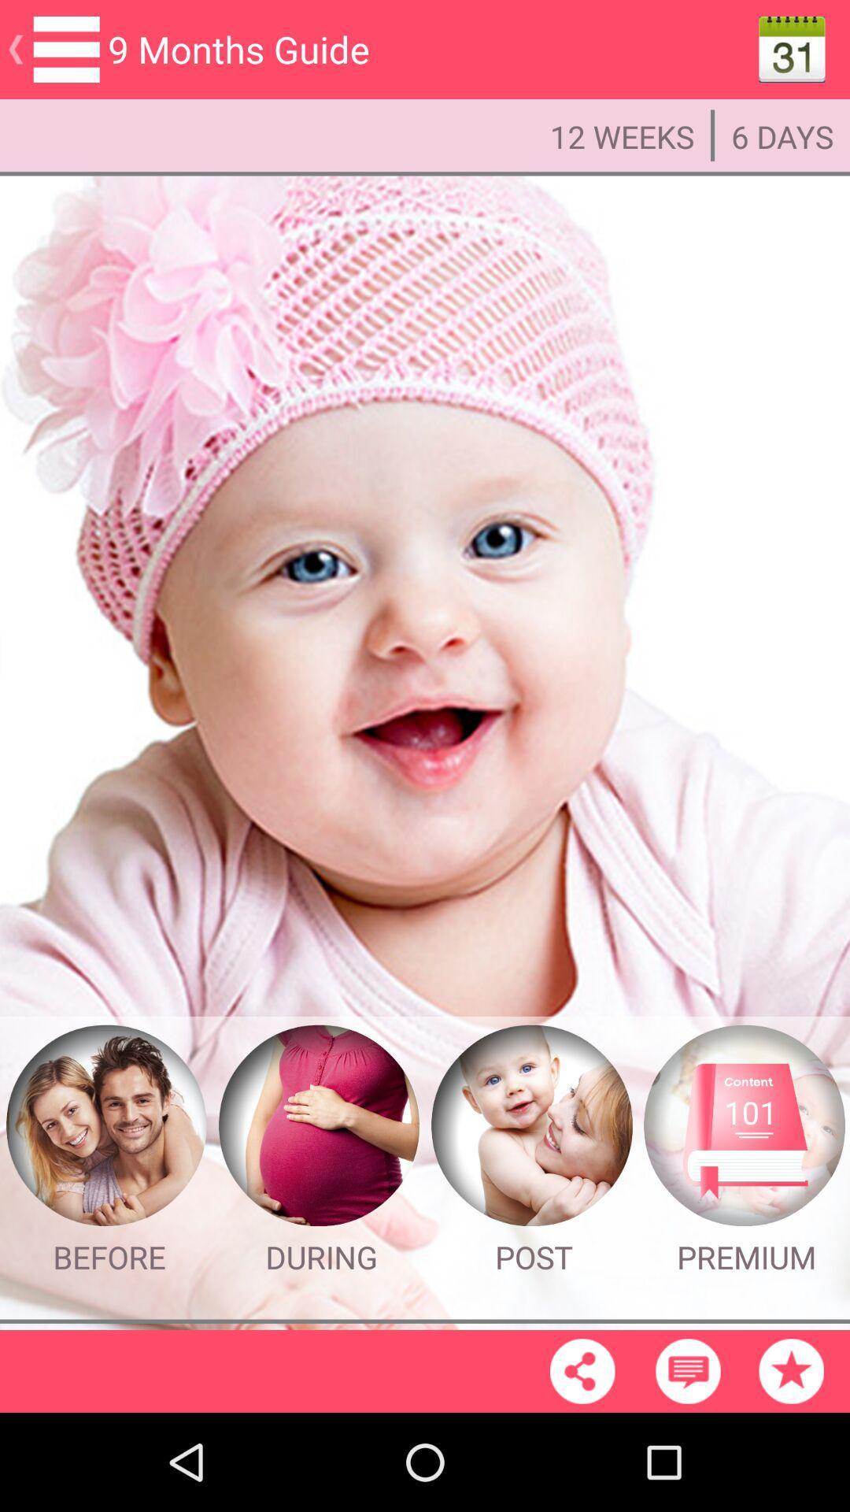 This screenshot has width=850, height=1512. I want to click on share button, so click(582, 1370).